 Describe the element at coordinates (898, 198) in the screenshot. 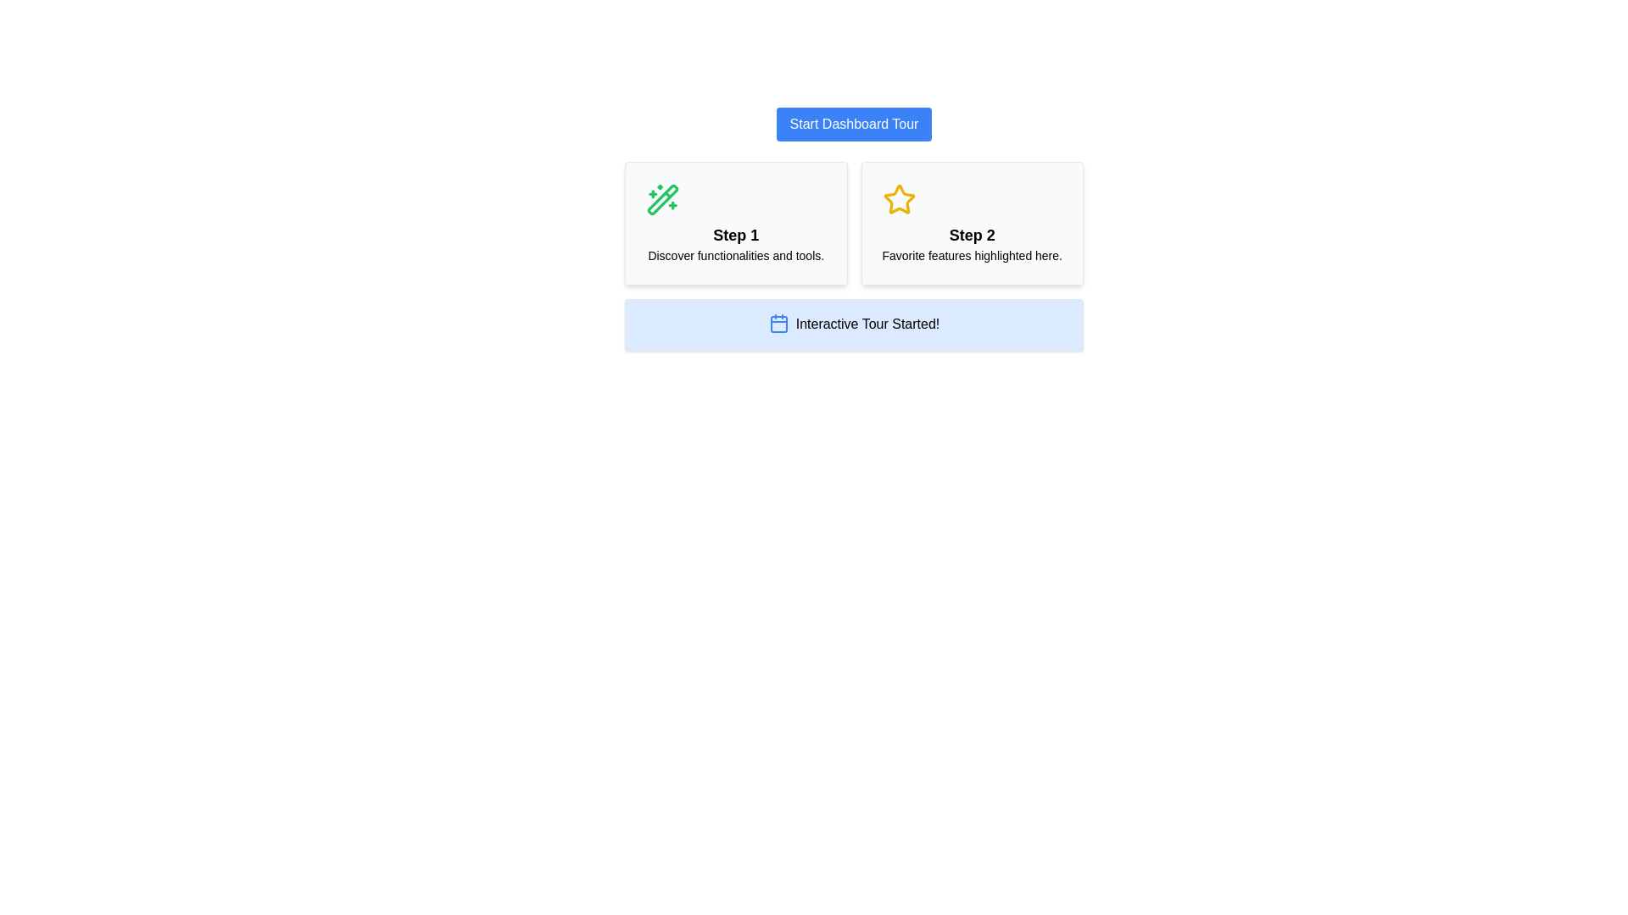

I see `the decorative icon located above the text 'Step 2' in the second card from the left` at that location.